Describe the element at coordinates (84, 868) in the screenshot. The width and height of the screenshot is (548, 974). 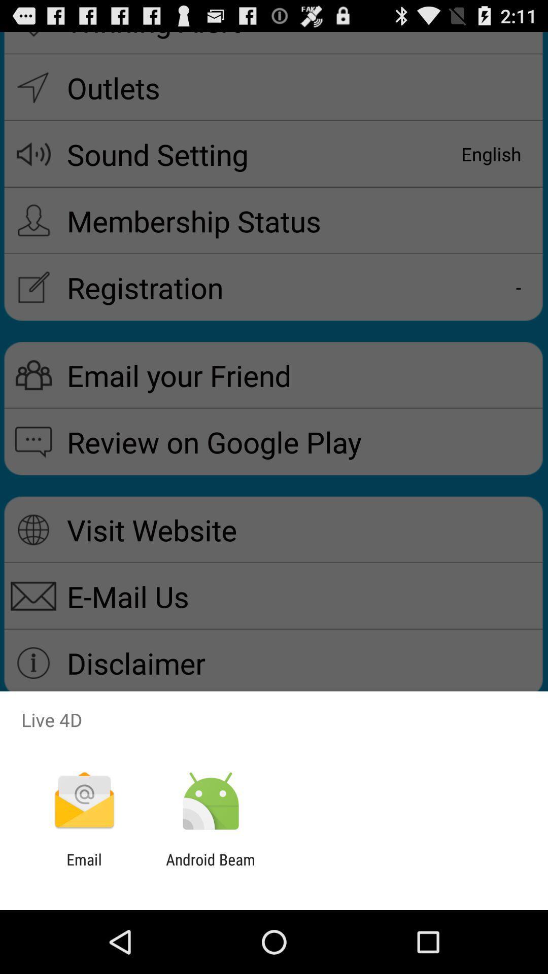
I see `email` at that location.